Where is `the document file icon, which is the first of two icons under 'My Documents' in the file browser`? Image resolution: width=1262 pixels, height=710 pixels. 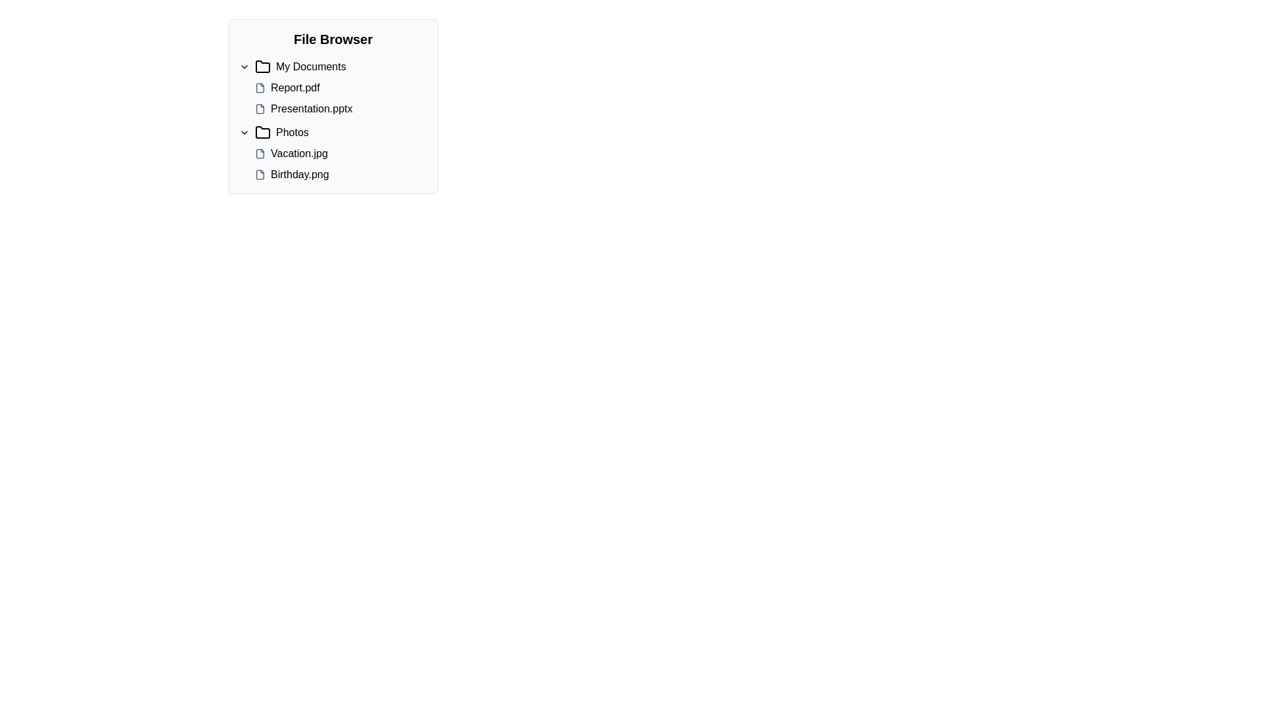
the document file icon, which is the first of two icons under 'My Documents' in the file browser is located at coordinates (260, 88).